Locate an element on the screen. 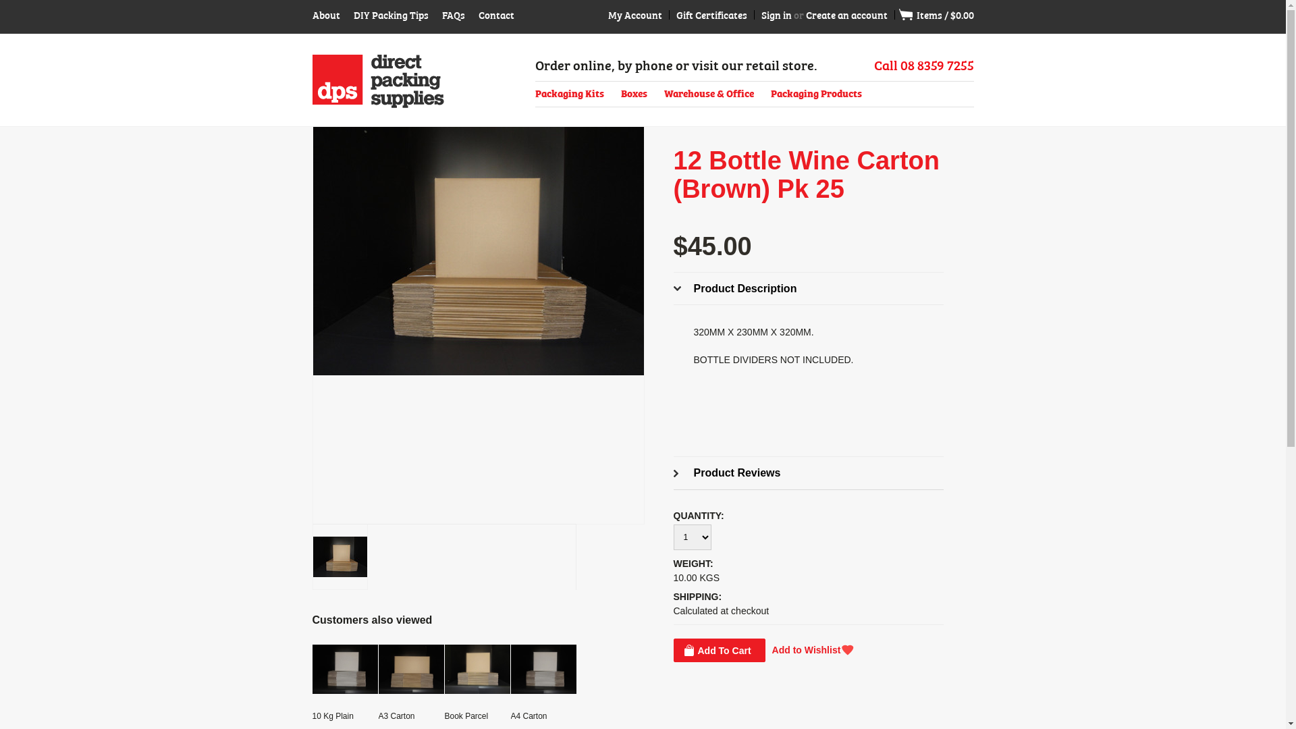  'Create an account' is located at coordinates (846, 15).